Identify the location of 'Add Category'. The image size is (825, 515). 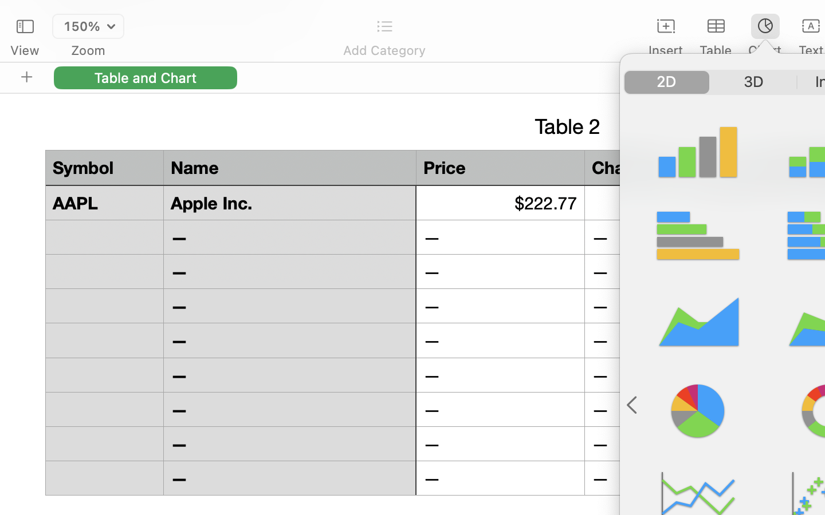
(384, 50).